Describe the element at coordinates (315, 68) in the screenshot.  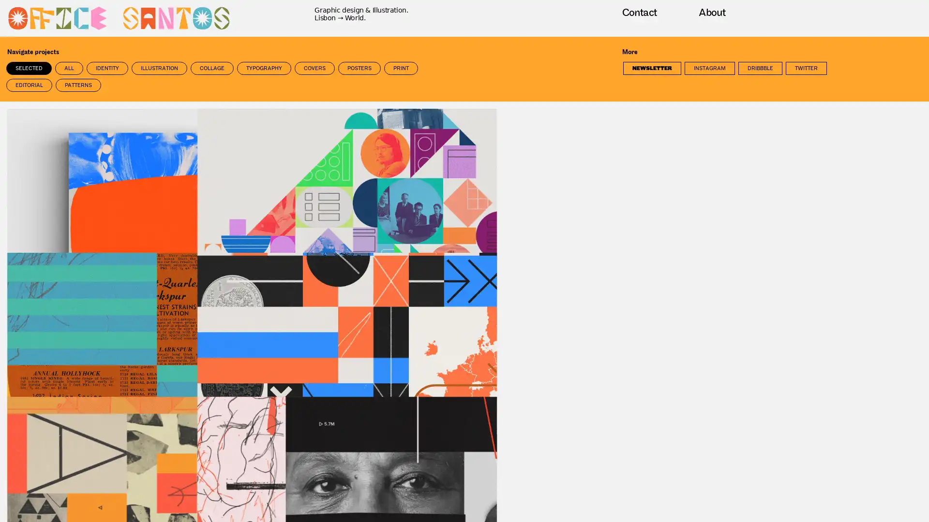
I see `COVERS` at that location.